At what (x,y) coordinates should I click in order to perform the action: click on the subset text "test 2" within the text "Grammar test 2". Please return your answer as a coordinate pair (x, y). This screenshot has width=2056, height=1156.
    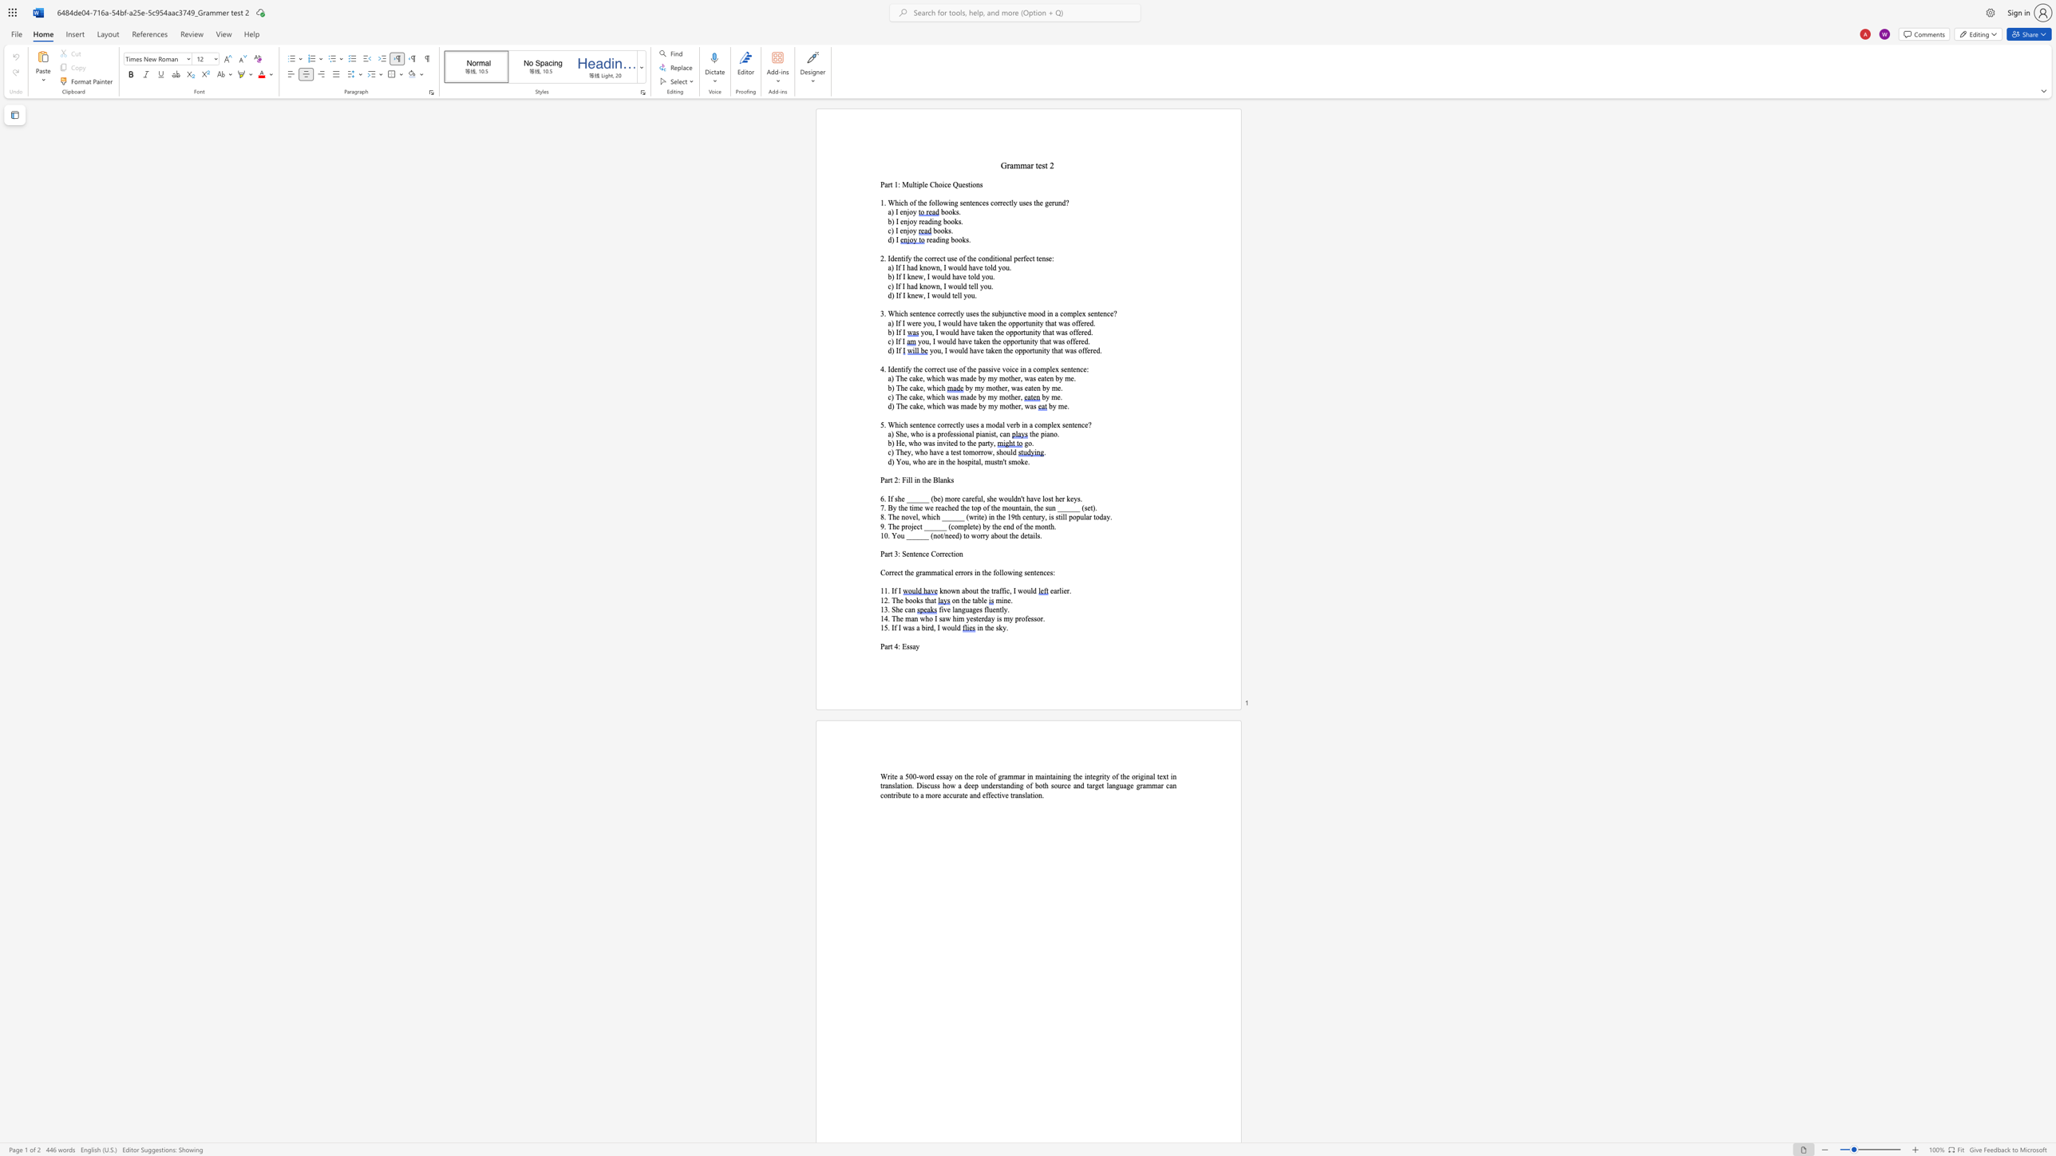
    Looking at the image, I should click on (1035, 165).